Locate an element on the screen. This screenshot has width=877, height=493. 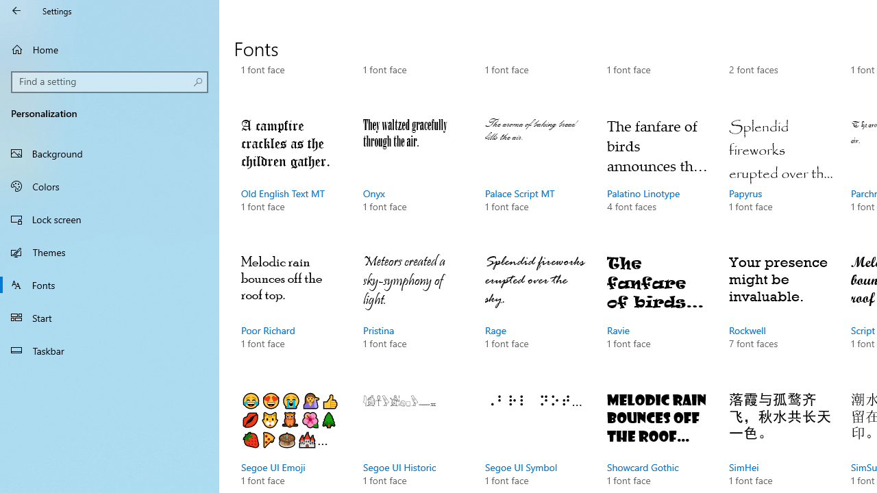
'Rockwell, 7 font faces' is located at coordinates (780, 315).